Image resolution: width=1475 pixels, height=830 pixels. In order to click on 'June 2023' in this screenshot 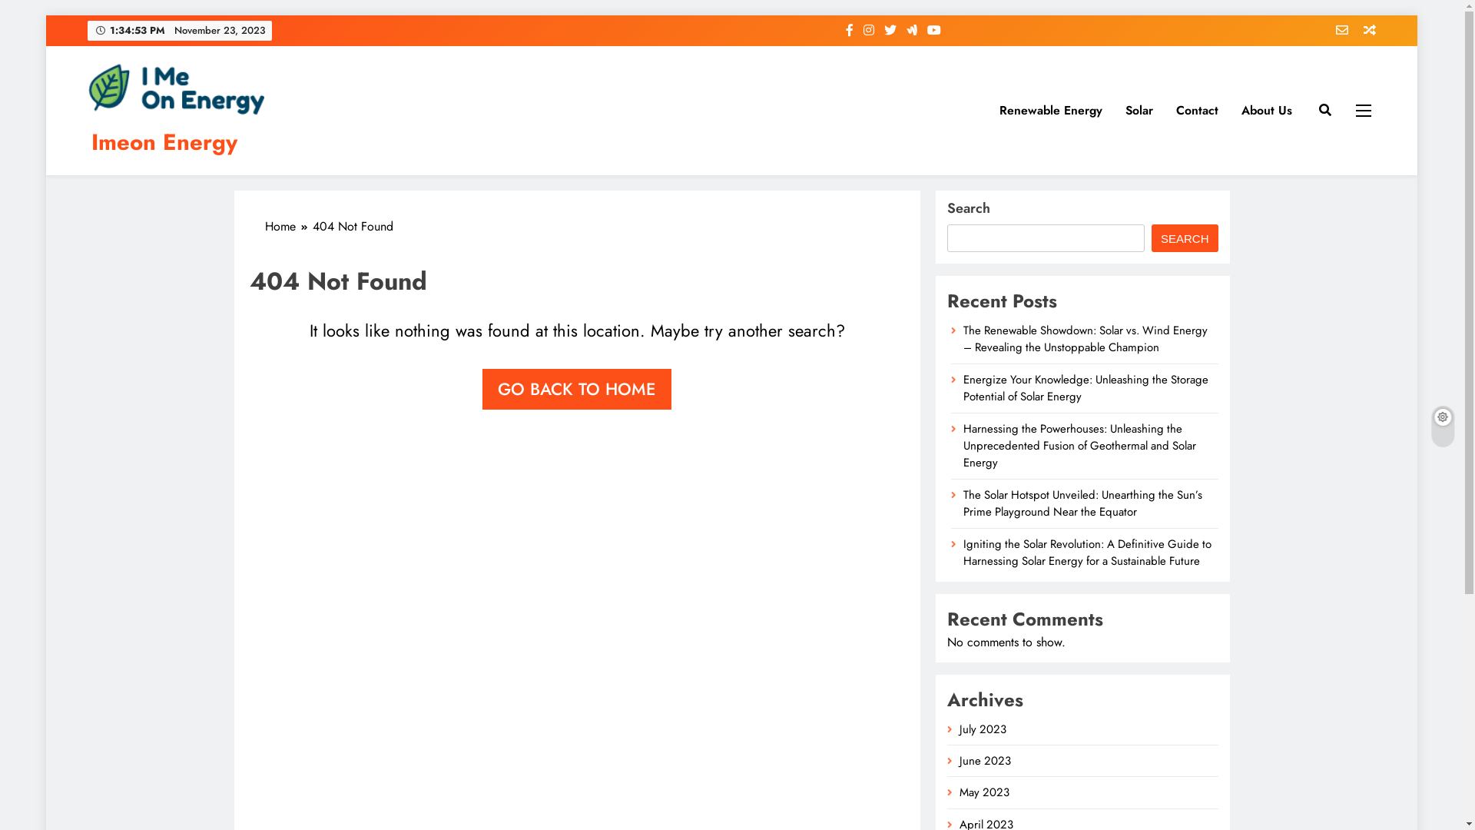, I will do `click(985, 761)`.